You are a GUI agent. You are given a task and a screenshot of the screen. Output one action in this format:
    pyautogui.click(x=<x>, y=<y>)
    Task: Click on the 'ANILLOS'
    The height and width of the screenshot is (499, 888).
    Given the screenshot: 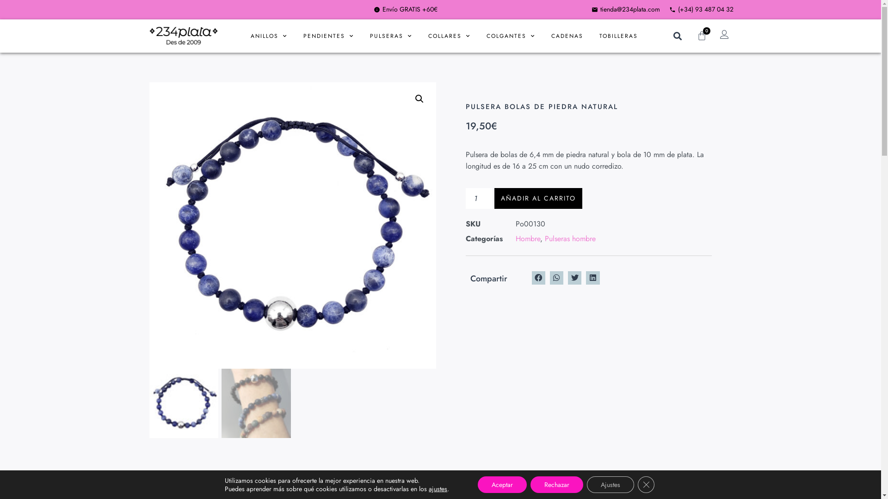 What is the action you would take?
    pyautogui.click(x=268, y=35)
    